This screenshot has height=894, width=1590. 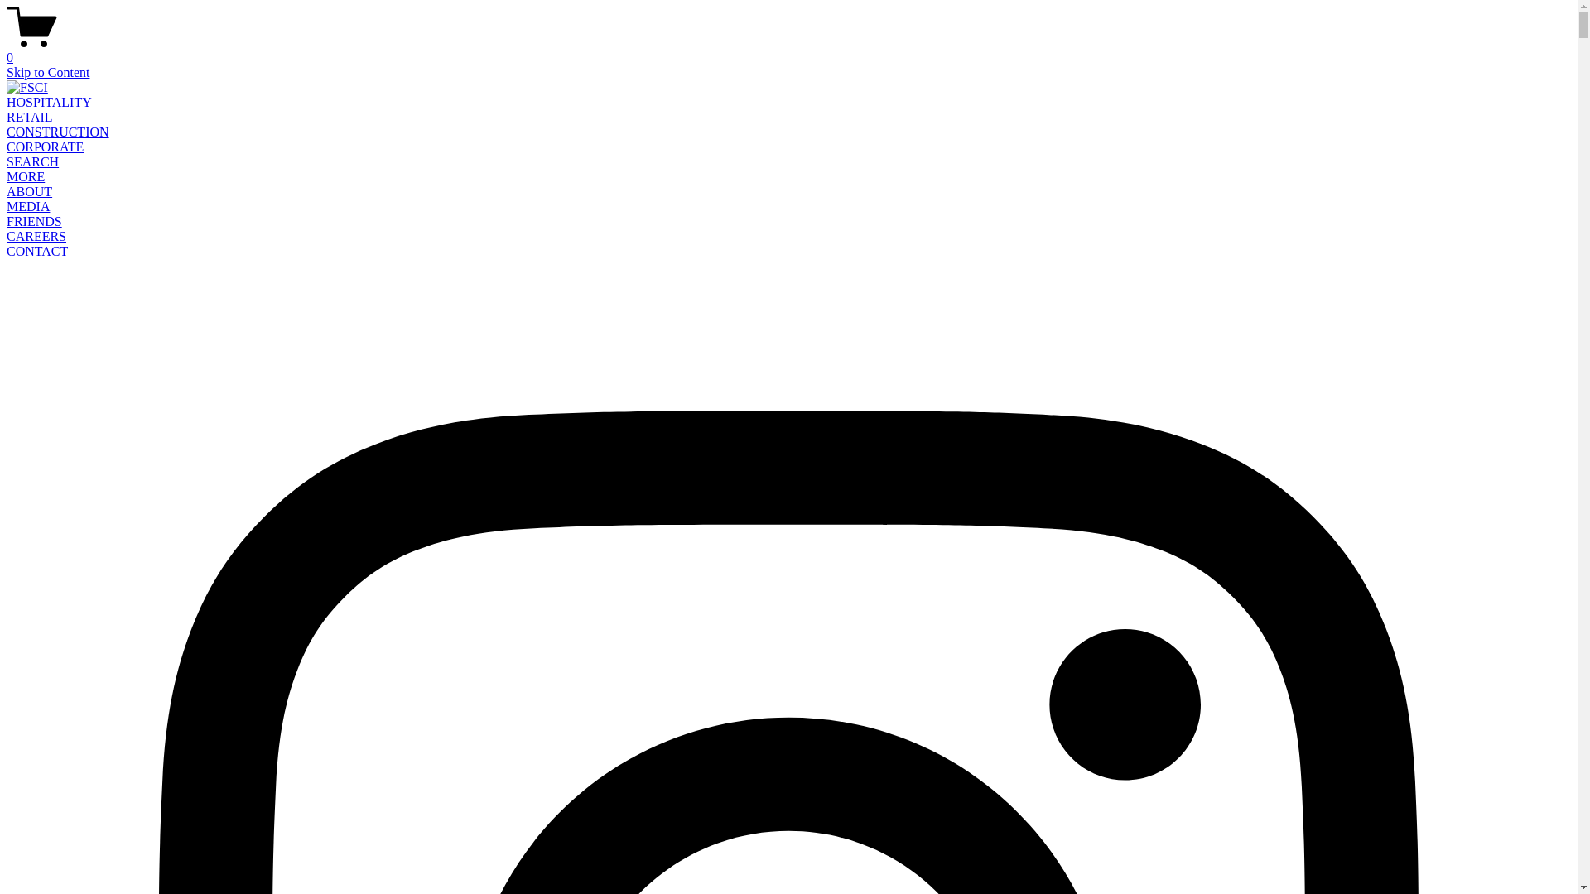 I want to click on '0', so click(x=788, y=50).